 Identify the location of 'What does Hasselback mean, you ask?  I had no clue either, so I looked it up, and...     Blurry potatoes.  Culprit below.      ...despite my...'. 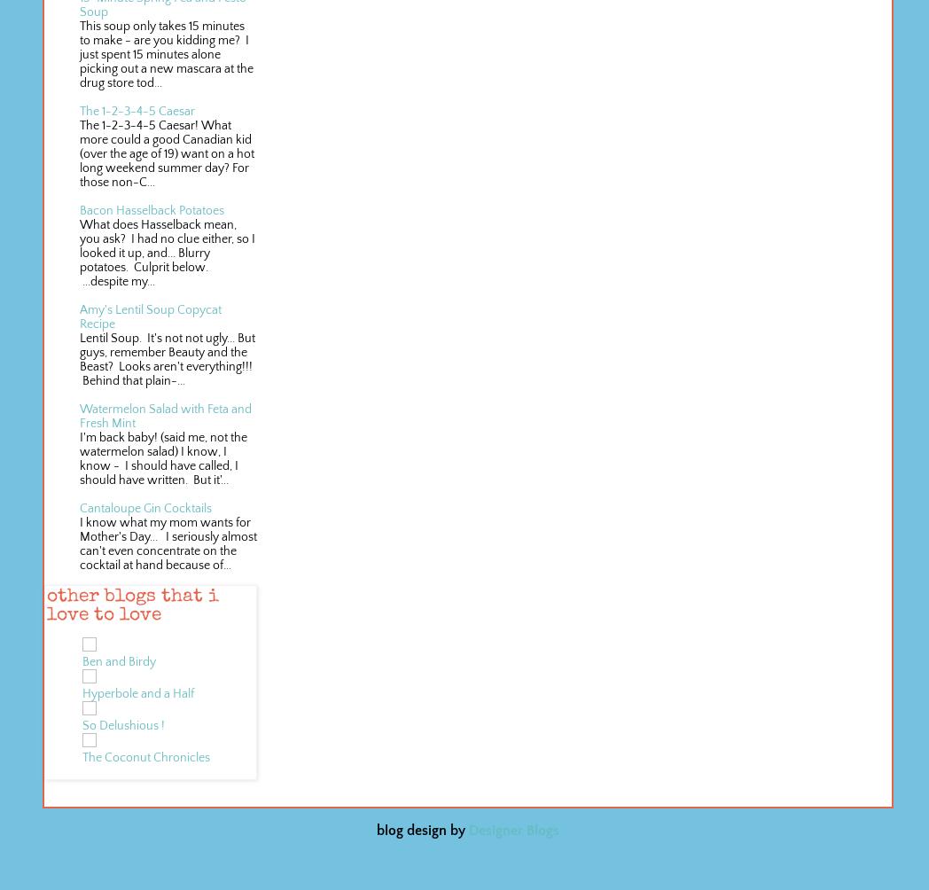
(166, 254).